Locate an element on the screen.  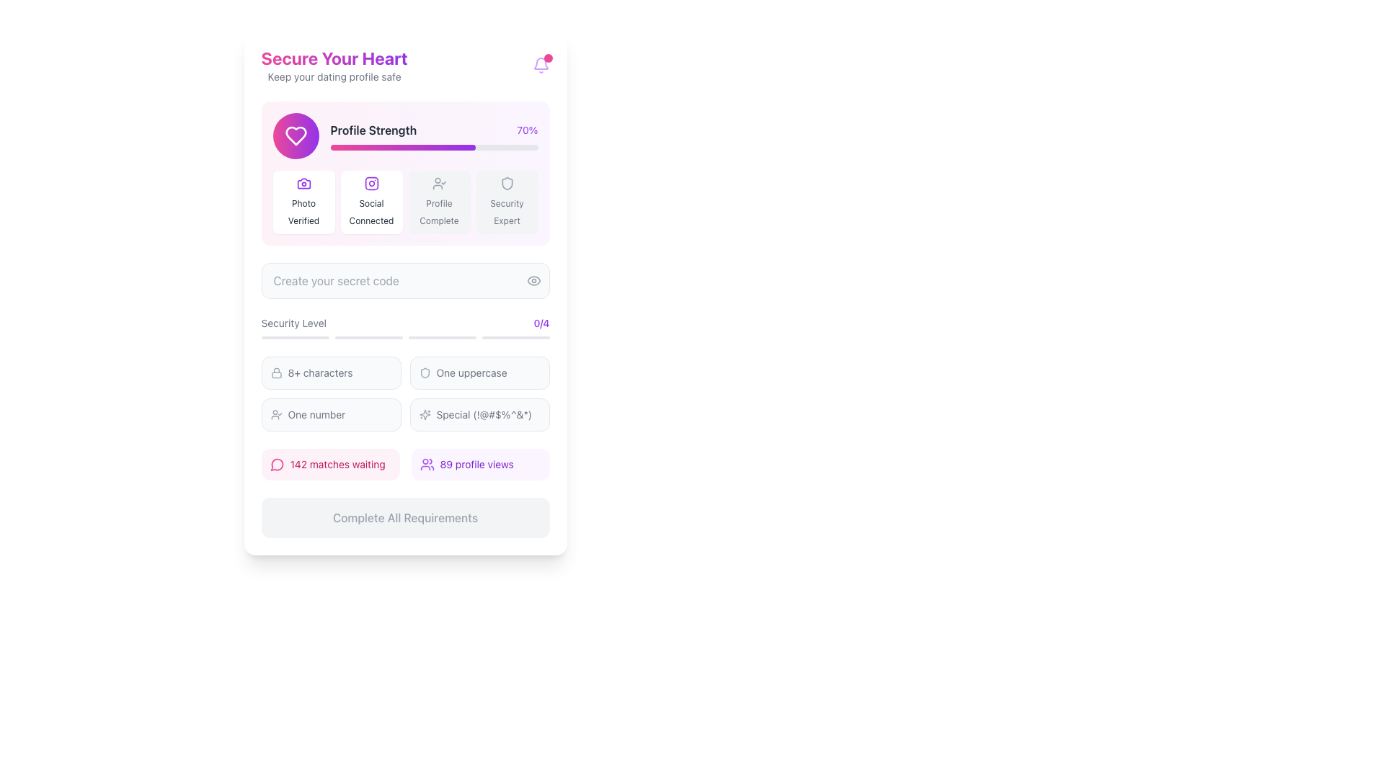
the Informational indicator that indicates the requirement of at least one uppercase letter, located in the top-right position of the 'Security Level' section is located at coordinates (479, 372).